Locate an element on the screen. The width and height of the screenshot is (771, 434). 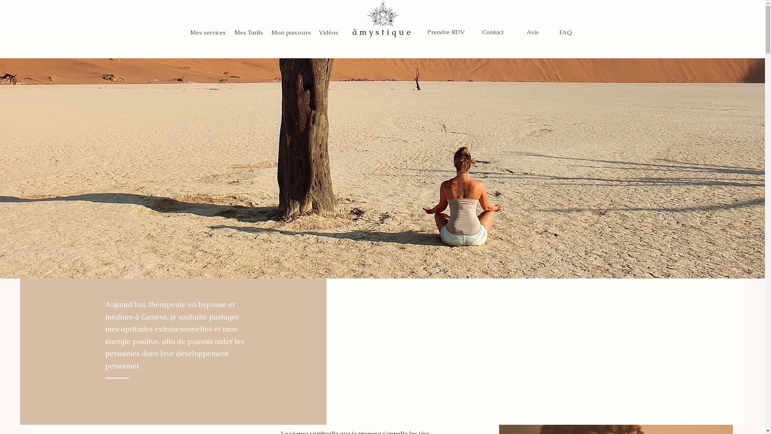
'Prendre RDV' is located at coordinates (445, 32).